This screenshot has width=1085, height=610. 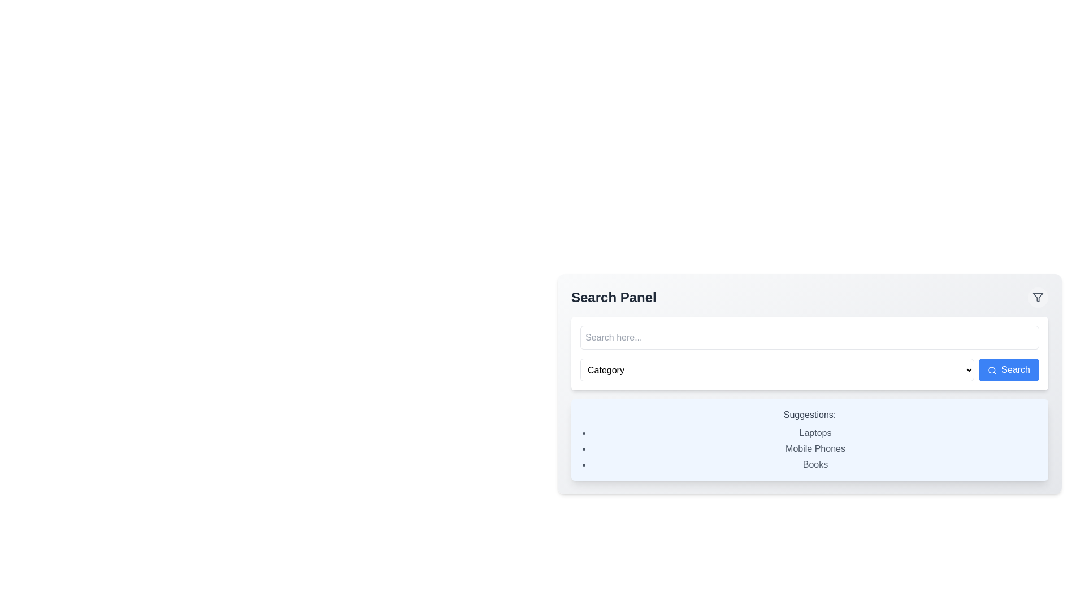 I want to click on displayed text from the ordered list or bullet-point list located in the lower section of the 'Search Panel', beneath the title 'Suggestions:' and above a blank space, so click(x=809, y=448).